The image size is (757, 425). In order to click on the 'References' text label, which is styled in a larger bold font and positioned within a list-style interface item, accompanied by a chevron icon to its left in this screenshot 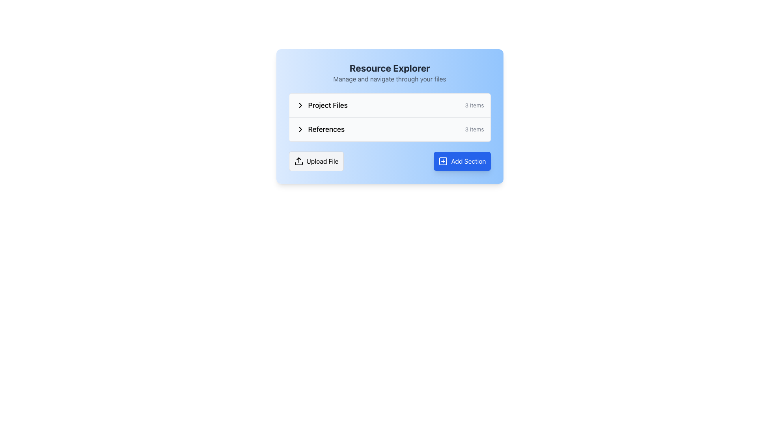, I will do `click(326, 129)`.